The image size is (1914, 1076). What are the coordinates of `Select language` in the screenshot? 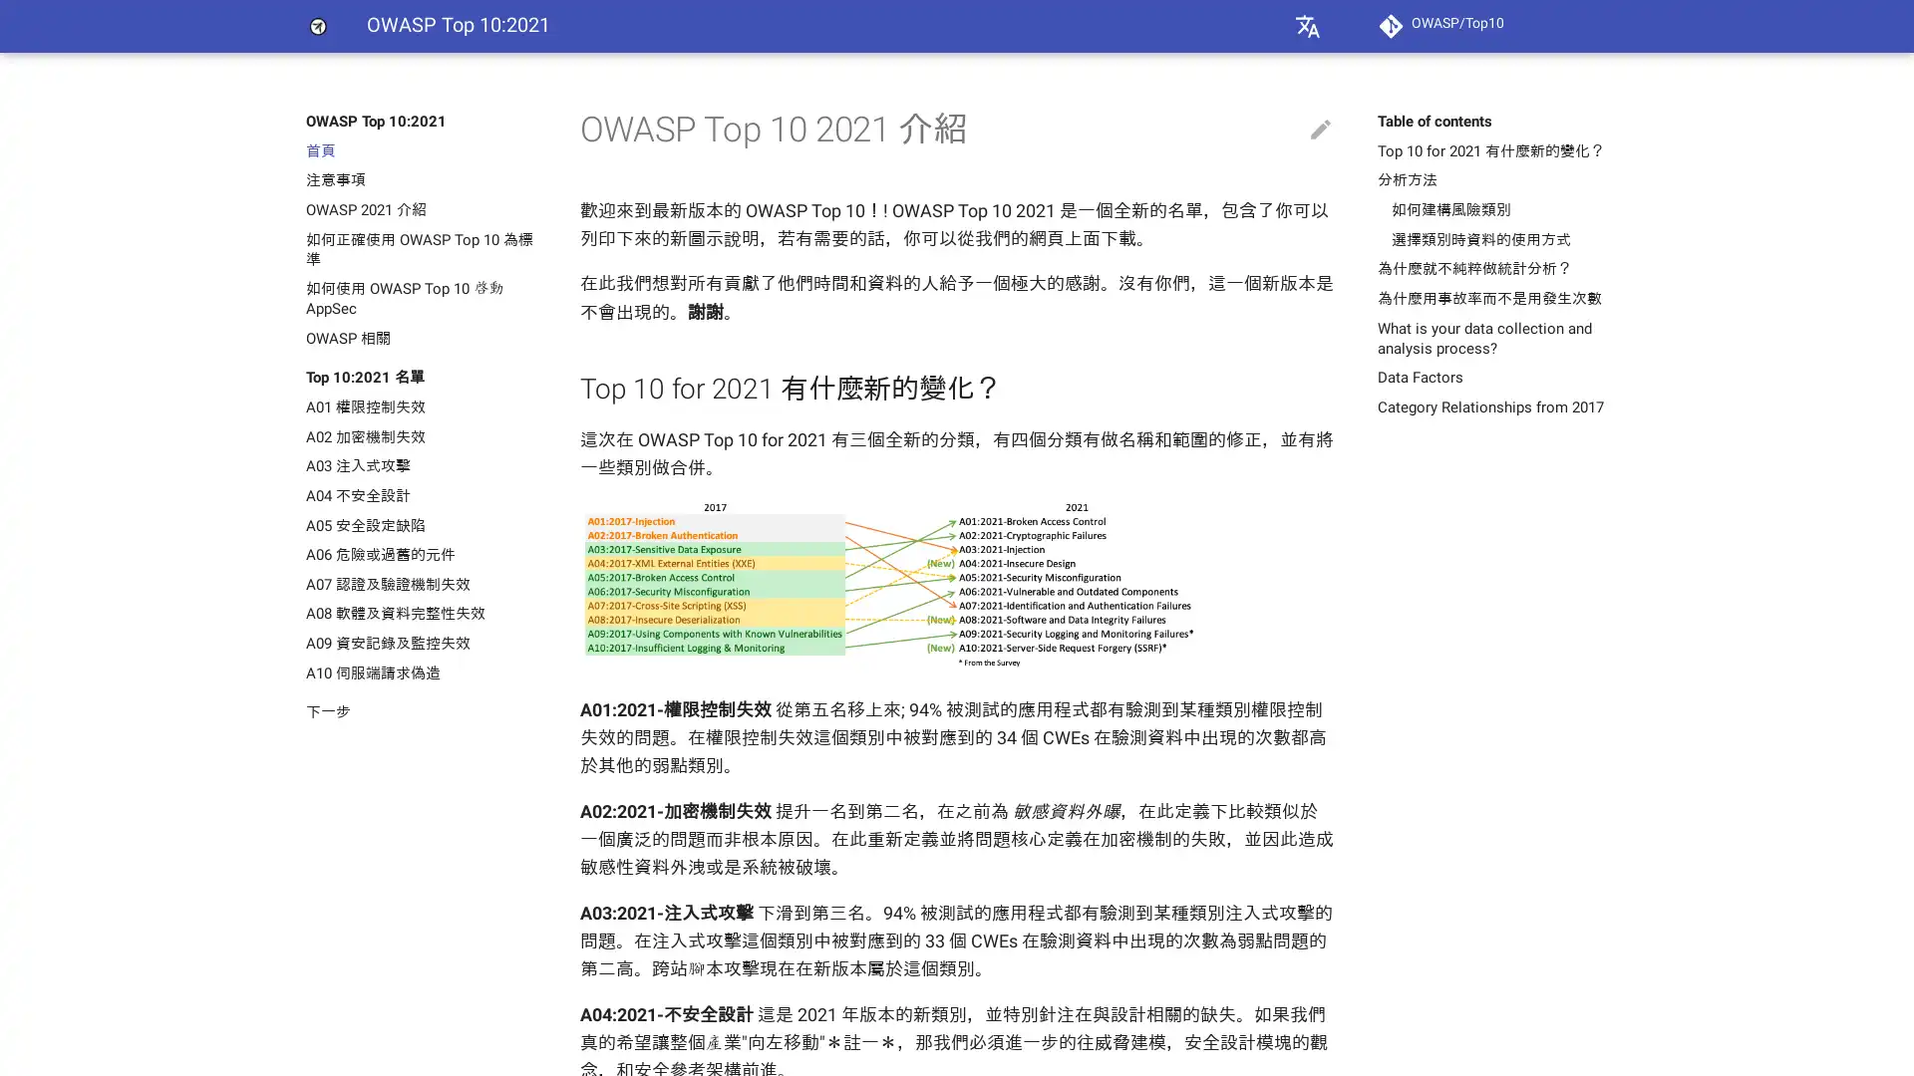 It's located at (1307, 26).